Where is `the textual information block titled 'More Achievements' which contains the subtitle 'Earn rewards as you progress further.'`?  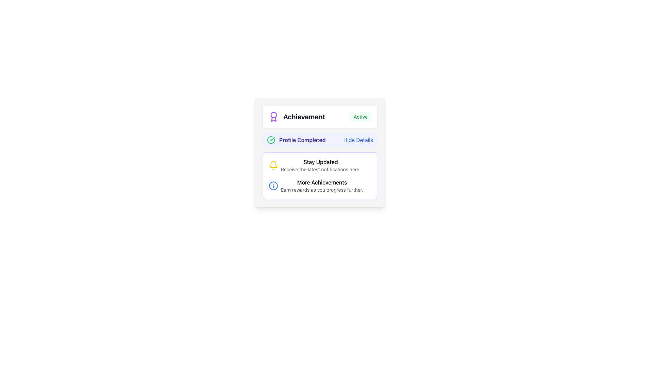 the textual information block titled 'More Achievements' which contains the subtitle 'Earn rewards as you progress further.' is located at coordinates (321, 186).